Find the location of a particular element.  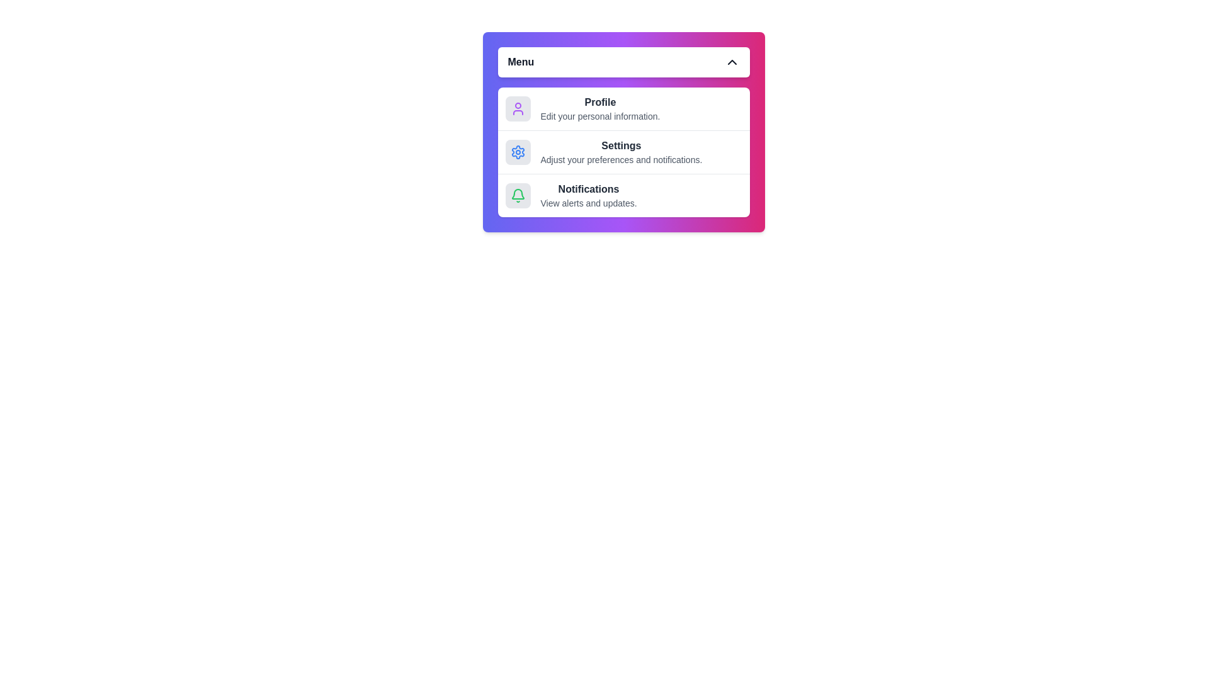

the menu item Settings to highlight it is located at coordinates (623, 151).